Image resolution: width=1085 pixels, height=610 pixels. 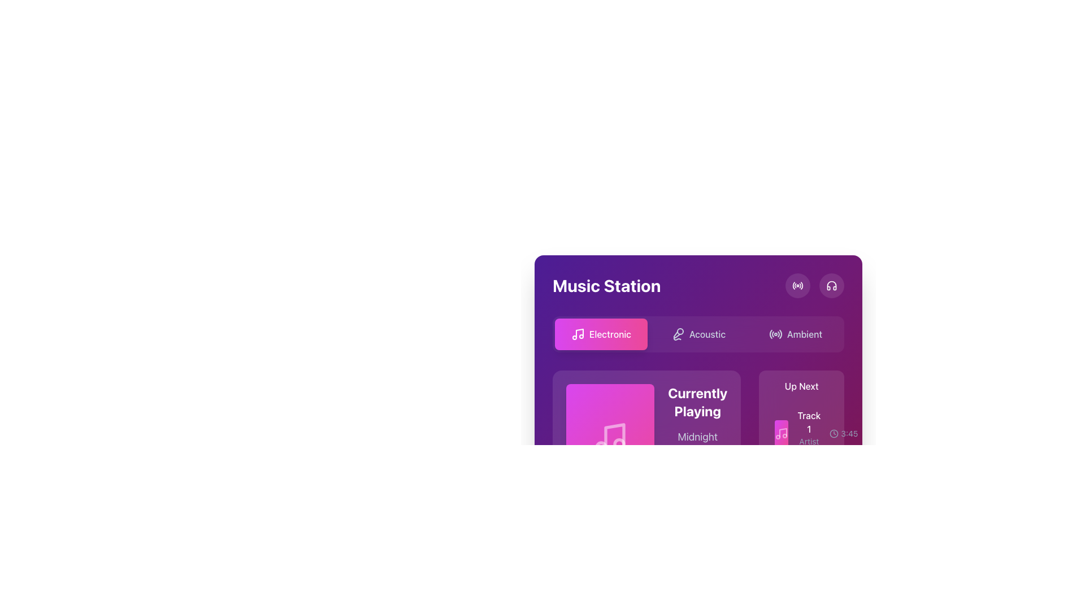 What do you see at coordinates (834, 433) in the screenshot?
I see `the outer circle of the clock icon, which is a minimalistic vector graphic circle located in the upper right corner of the interface` at bounding box center [834, 433].